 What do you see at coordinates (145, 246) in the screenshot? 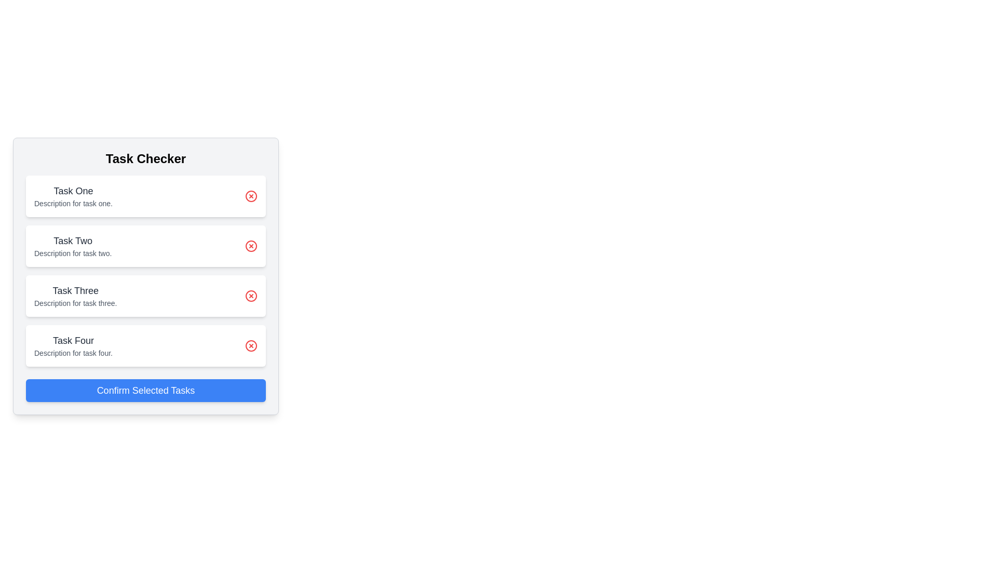
I see `task title 'Task Two' and description 'Description for task two.' from the second card in the task management section titled 'Task Checker'` at bounding box center [145, 246].